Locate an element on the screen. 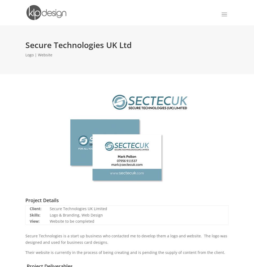 Image resolution: width=254 pixels, height=267 pixels. 'Secure Technologies is a start up business who contacted me to develop them a logo and website.  The logo was designed and used for business card designs.' is located at coordinates (126, 239).